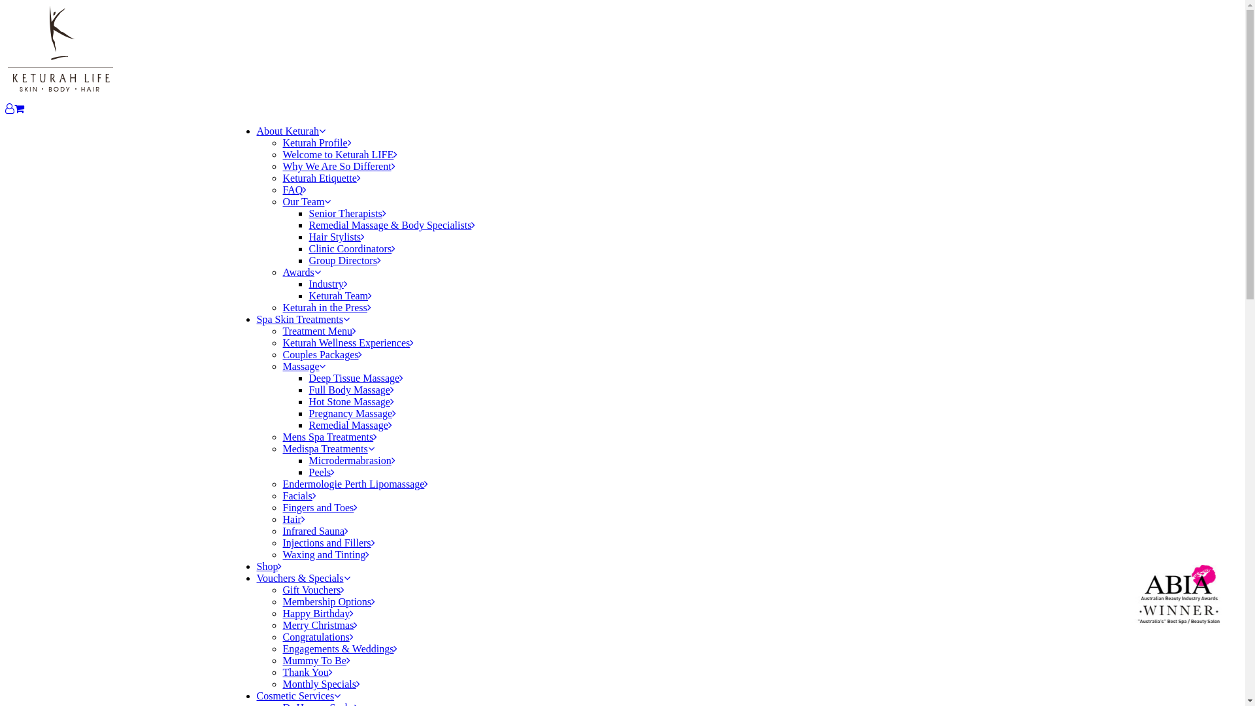 This screenshot has height=706, width=1255. What do you see at coordinates (320, 507) in the screenshot?
I see `'Fingers and Toes'` at bounding box center [320, 507].